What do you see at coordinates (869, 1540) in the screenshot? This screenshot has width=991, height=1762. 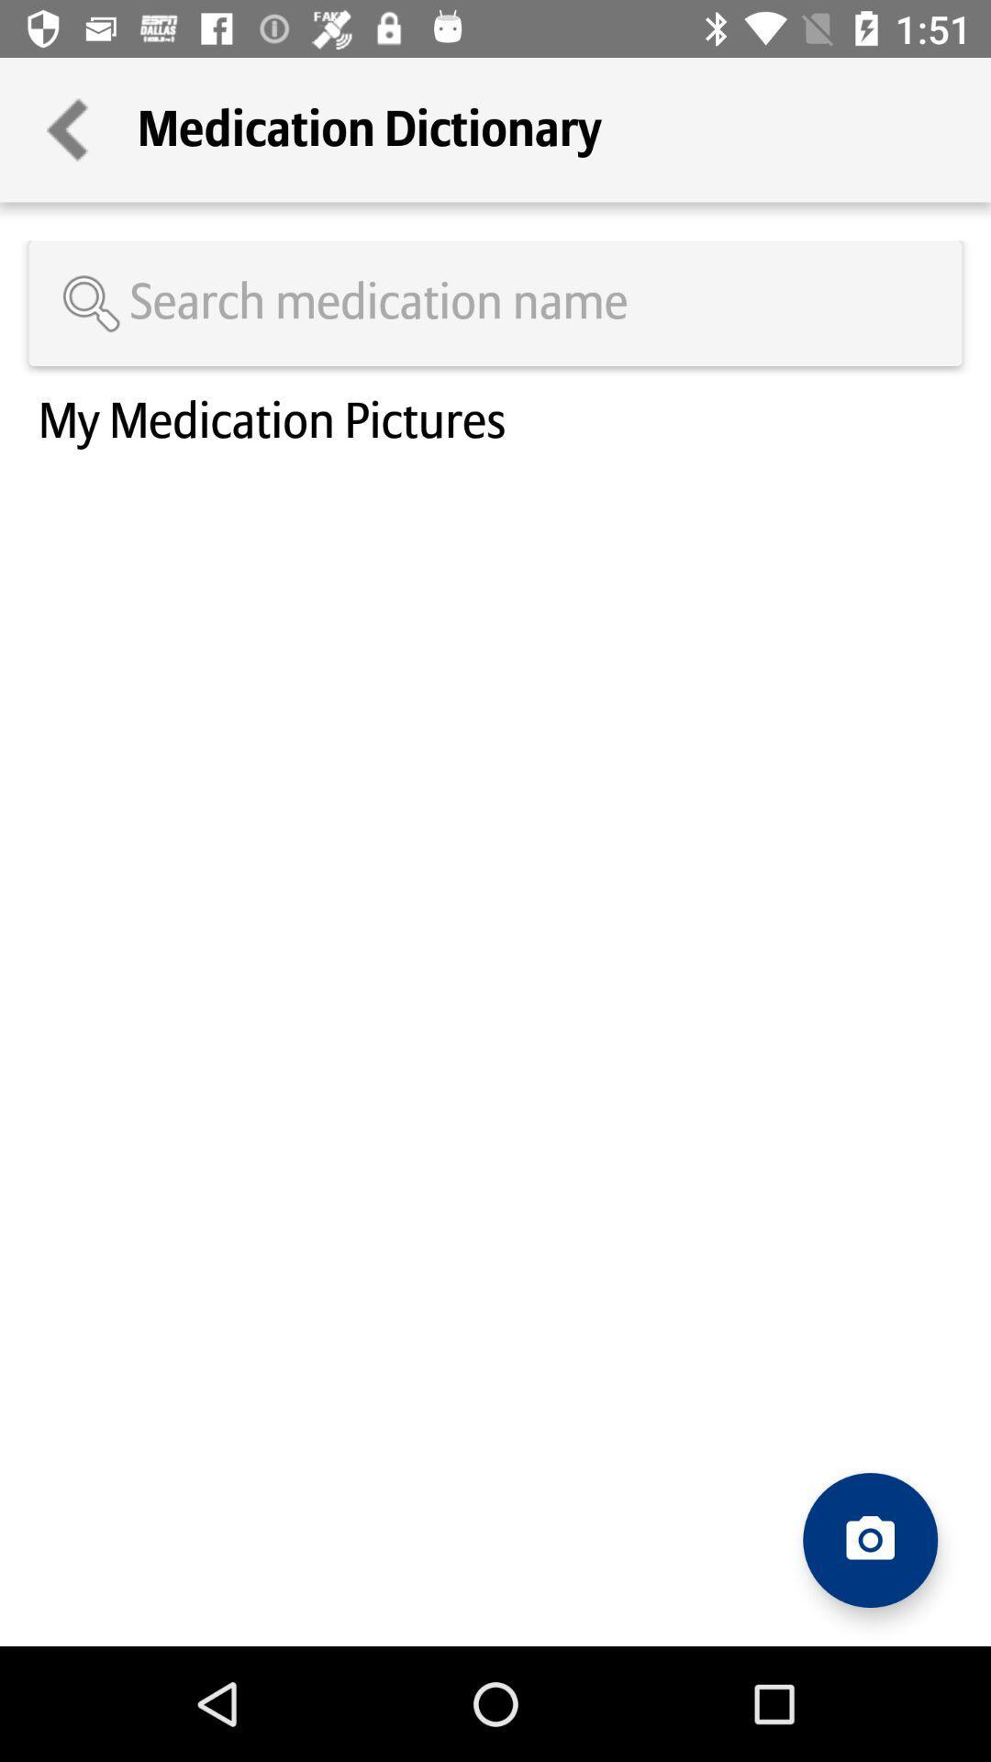 I see `open camera` at bounding box center [869, 1540].